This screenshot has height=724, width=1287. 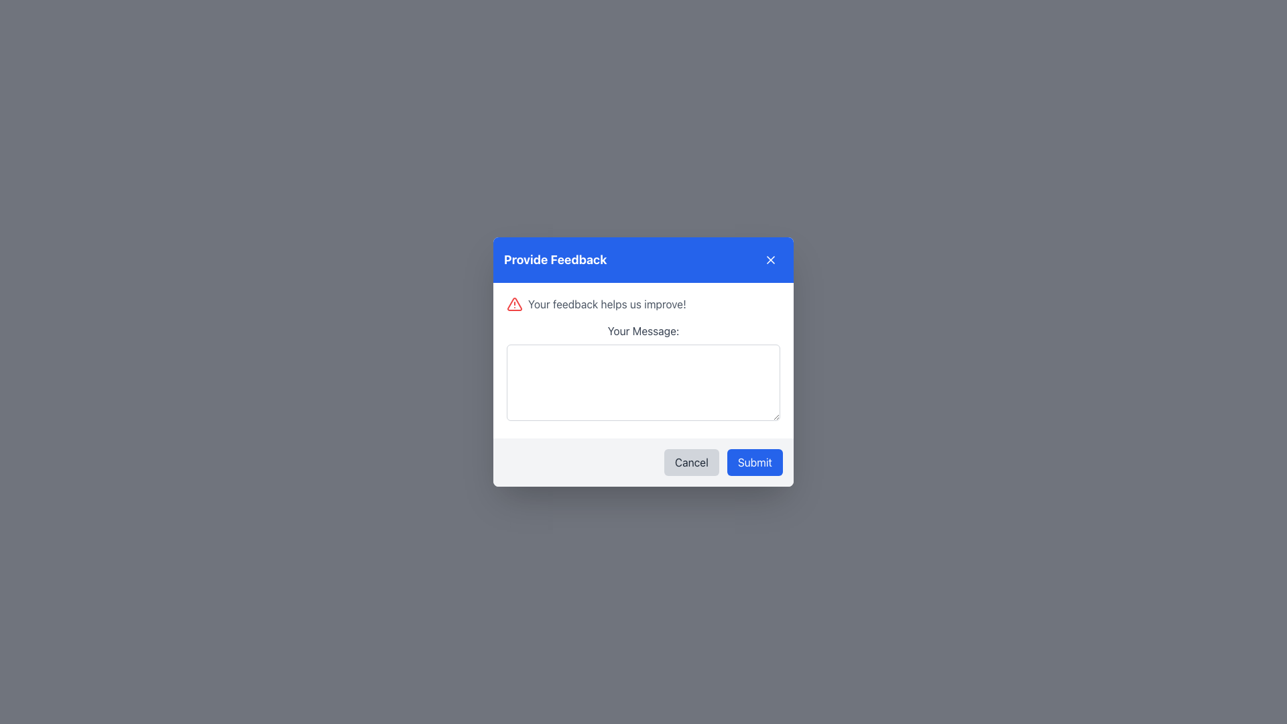 What do you see at coordinates (643, 359) in the screenshot?
I see `the large text input box in the feedback form section titled 'Provide Feedback.'` at bounding box center [643, 359].